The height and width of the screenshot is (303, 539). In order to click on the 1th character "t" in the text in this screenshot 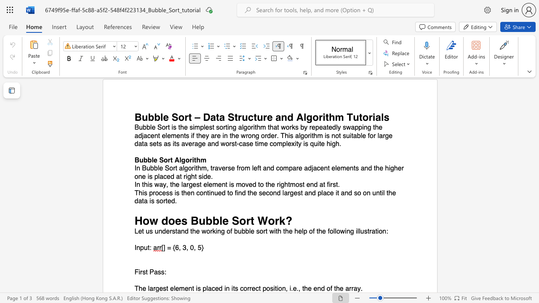, I will do `click(167, 288)`.